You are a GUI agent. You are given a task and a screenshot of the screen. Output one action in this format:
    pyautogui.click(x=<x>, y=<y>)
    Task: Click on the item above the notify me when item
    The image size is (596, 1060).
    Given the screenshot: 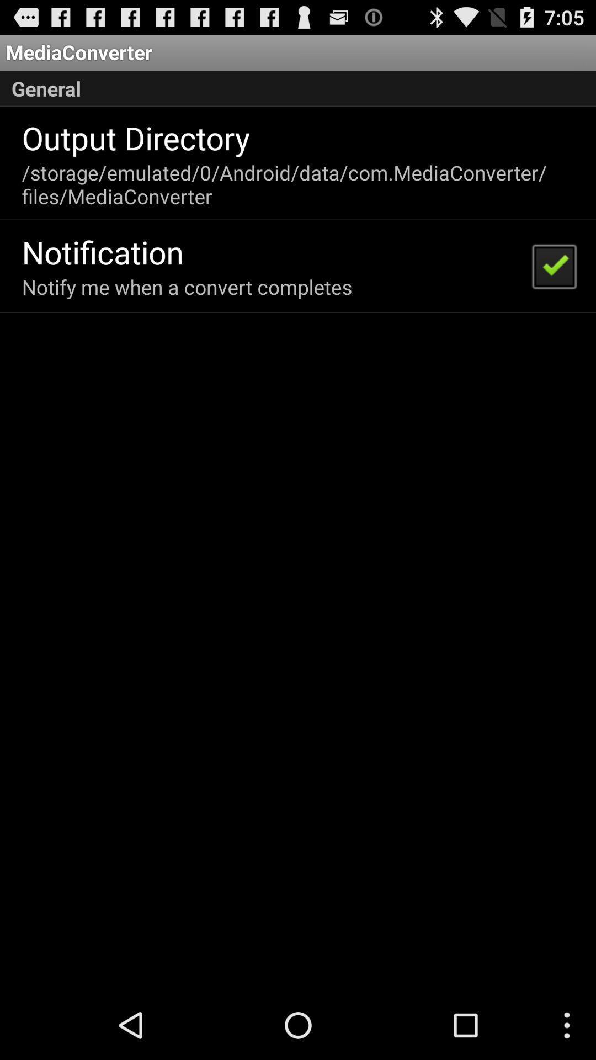 What is the action you would take?
    pyautogui.click(x=103, y=251)
    